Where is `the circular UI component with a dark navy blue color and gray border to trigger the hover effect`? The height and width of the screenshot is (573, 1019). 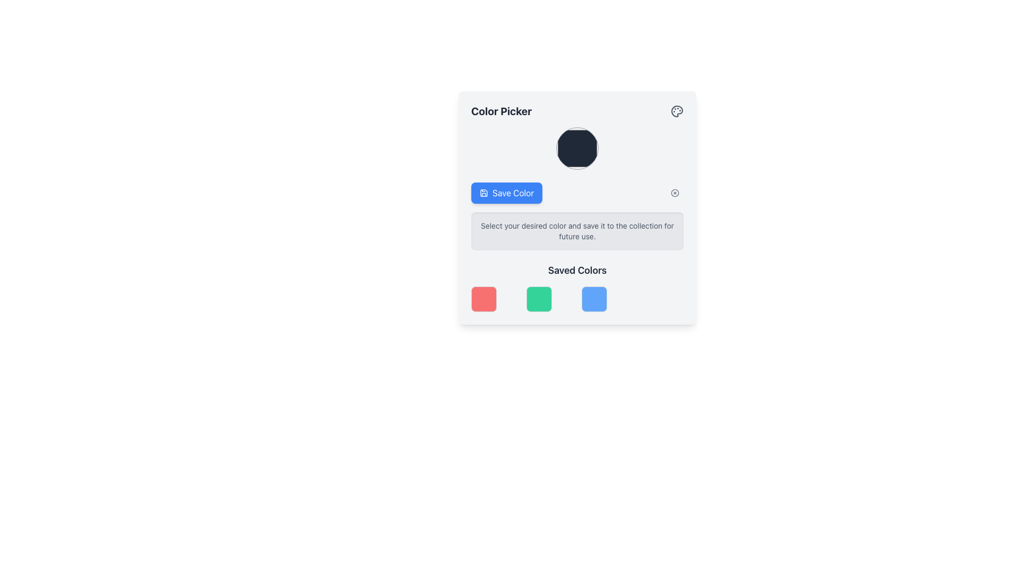 the circular UI component with a dark navy blue color and gray border to trigger the hover effect is located at coordinates (577, 149).